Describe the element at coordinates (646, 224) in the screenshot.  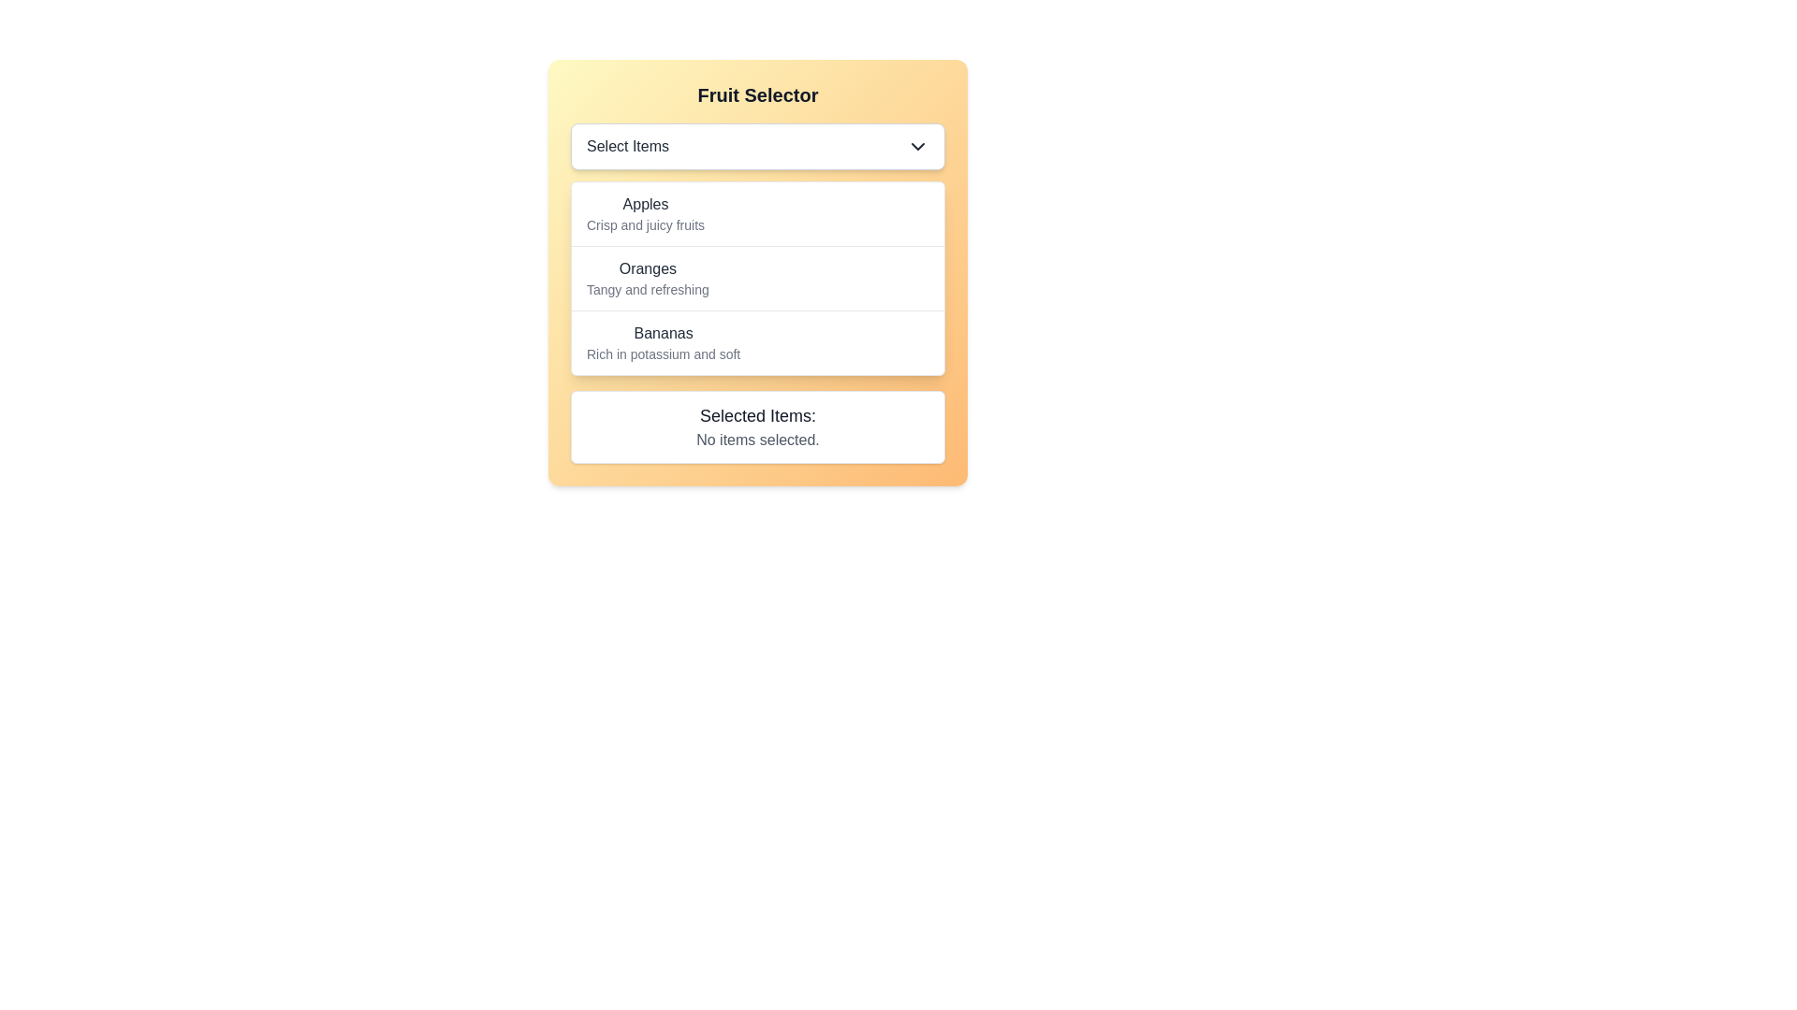
I see `the text label displaying 'Crisp and juicy fruits', which is located directly below the bold 'Apples' text in the dropdown menu` at that location.